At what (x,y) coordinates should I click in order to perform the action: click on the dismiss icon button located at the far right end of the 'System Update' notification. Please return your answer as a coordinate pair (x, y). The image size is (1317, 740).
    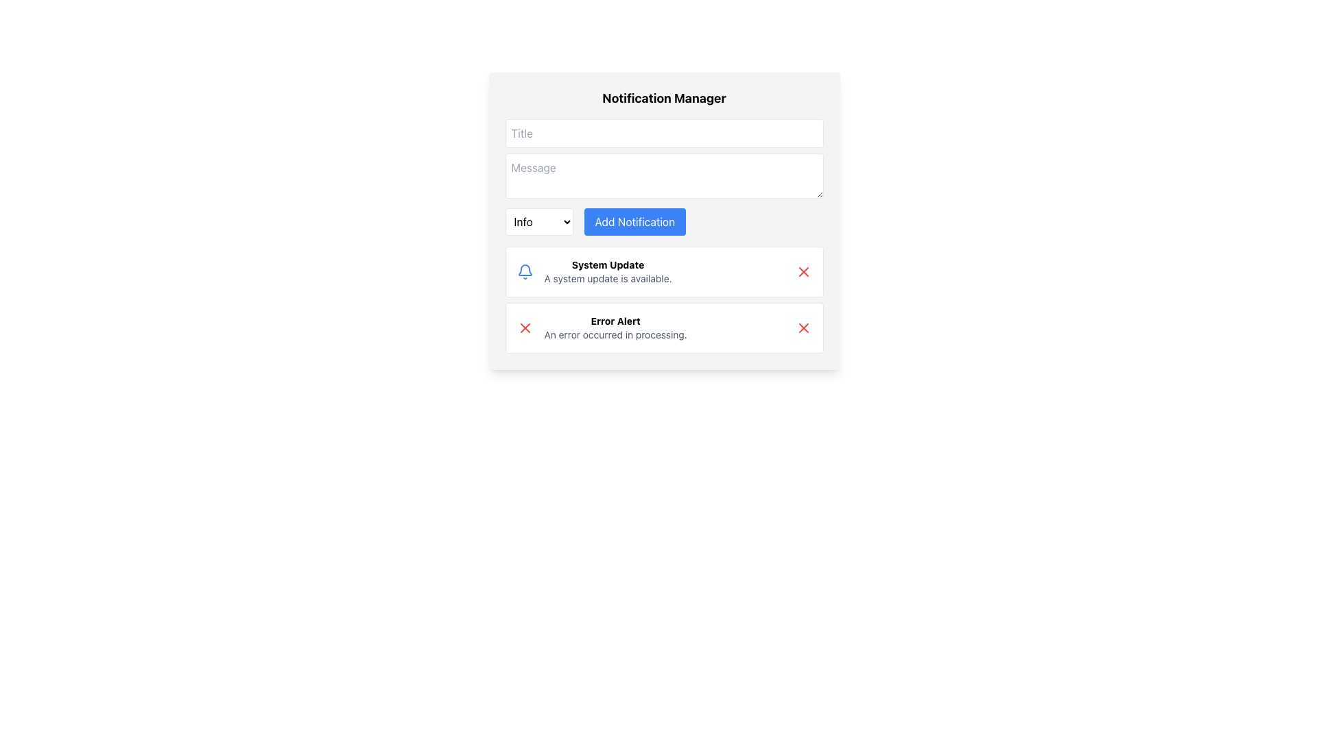
    Looking at the image, I should click on (803, 272).